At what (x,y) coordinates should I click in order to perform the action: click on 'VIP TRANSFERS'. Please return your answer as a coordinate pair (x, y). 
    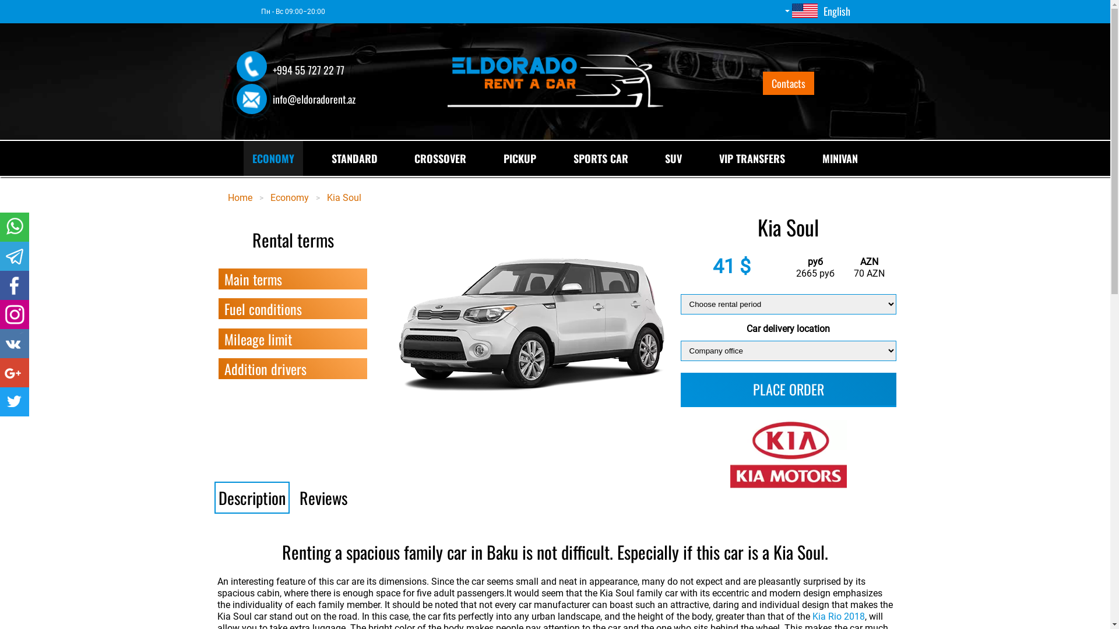
    Looking at the image, I should click on (752, 158).